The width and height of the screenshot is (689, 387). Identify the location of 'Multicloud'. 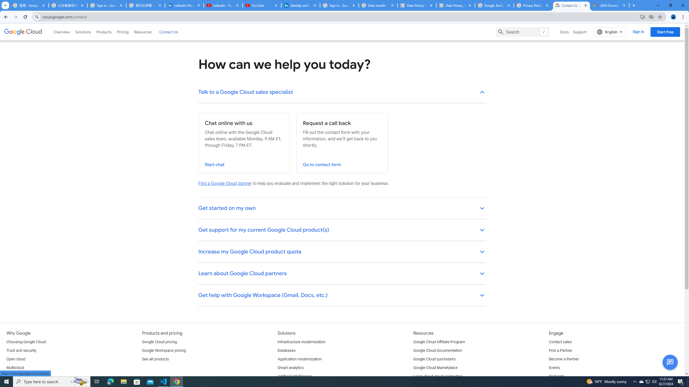
(15, 368).